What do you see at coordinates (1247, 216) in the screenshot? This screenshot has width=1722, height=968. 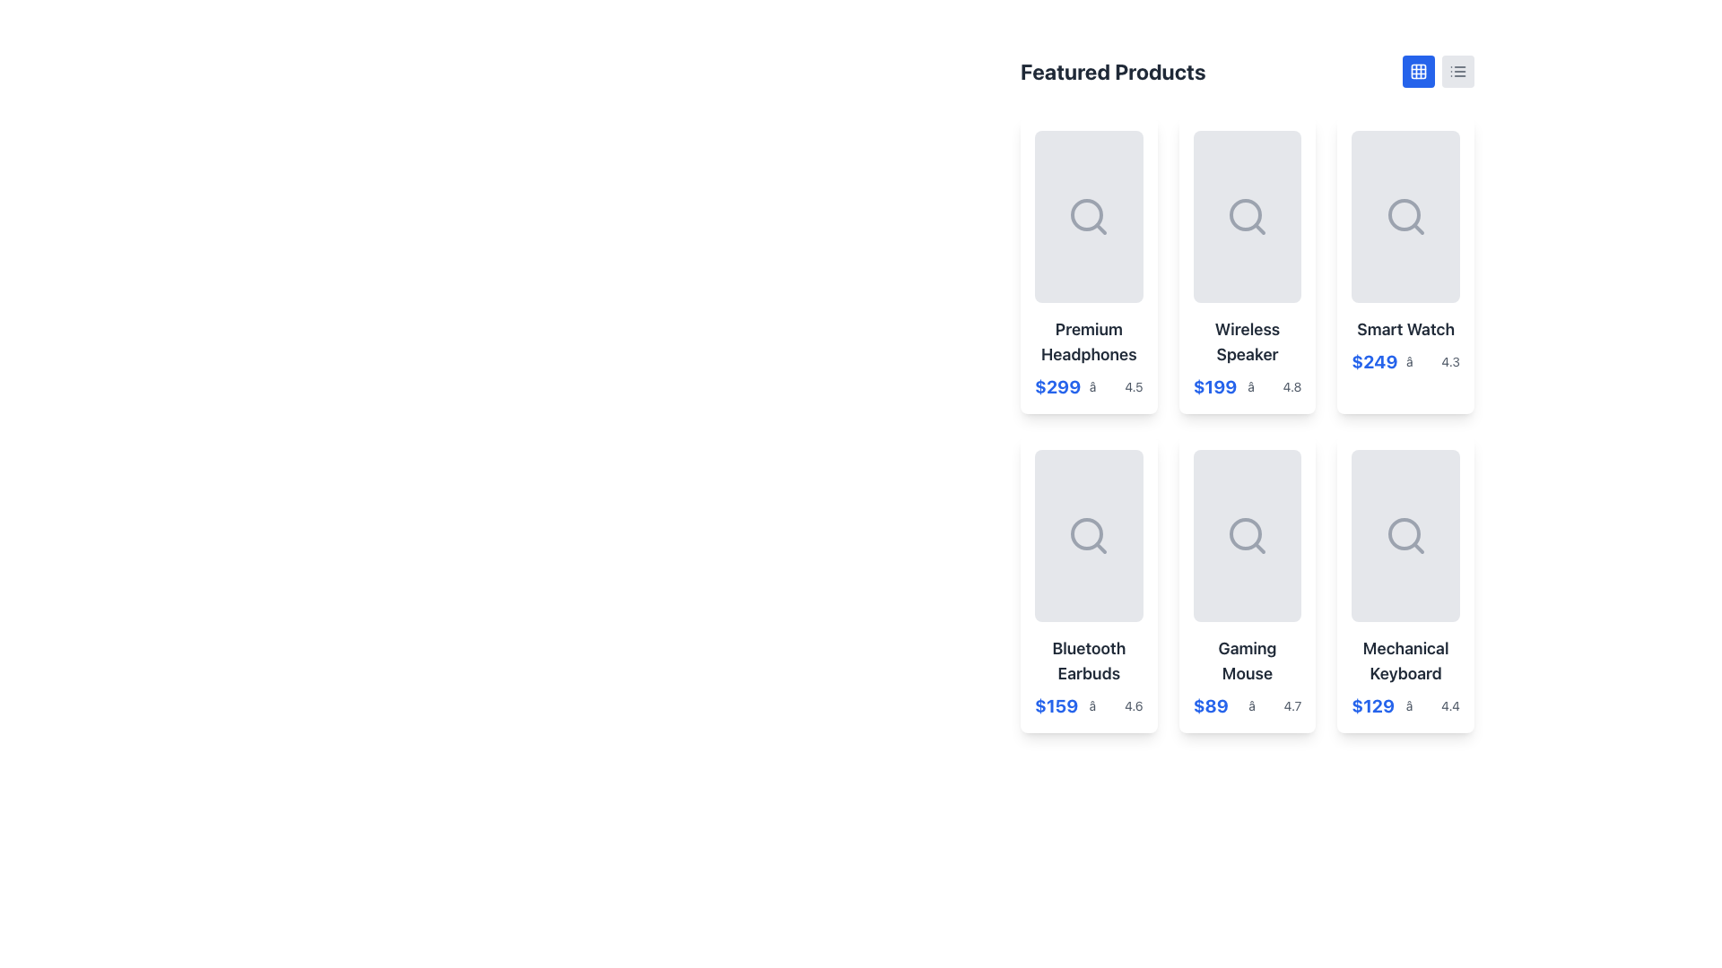 I see `the central icon representing the search or zoom functionality within the 'Wireless Speaker' card, which is situated in the second column of the first row of a grid layout` at bounding box center [1247, 216].